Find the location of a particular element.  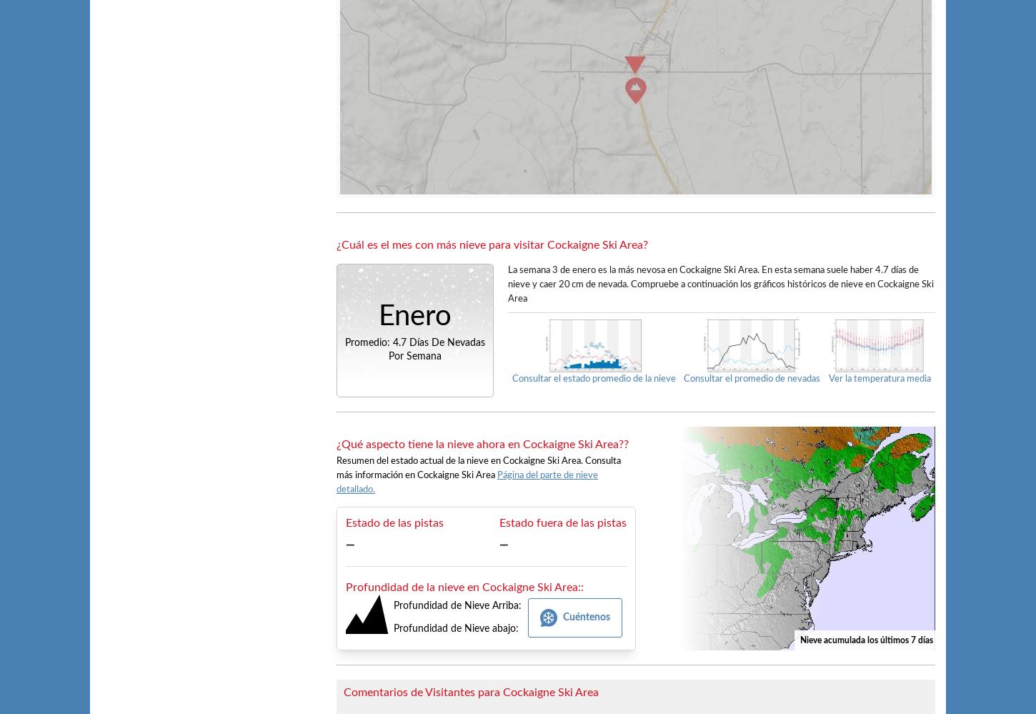

'Página del parte de nieve detallado.' is located at coordinates (466, 482).